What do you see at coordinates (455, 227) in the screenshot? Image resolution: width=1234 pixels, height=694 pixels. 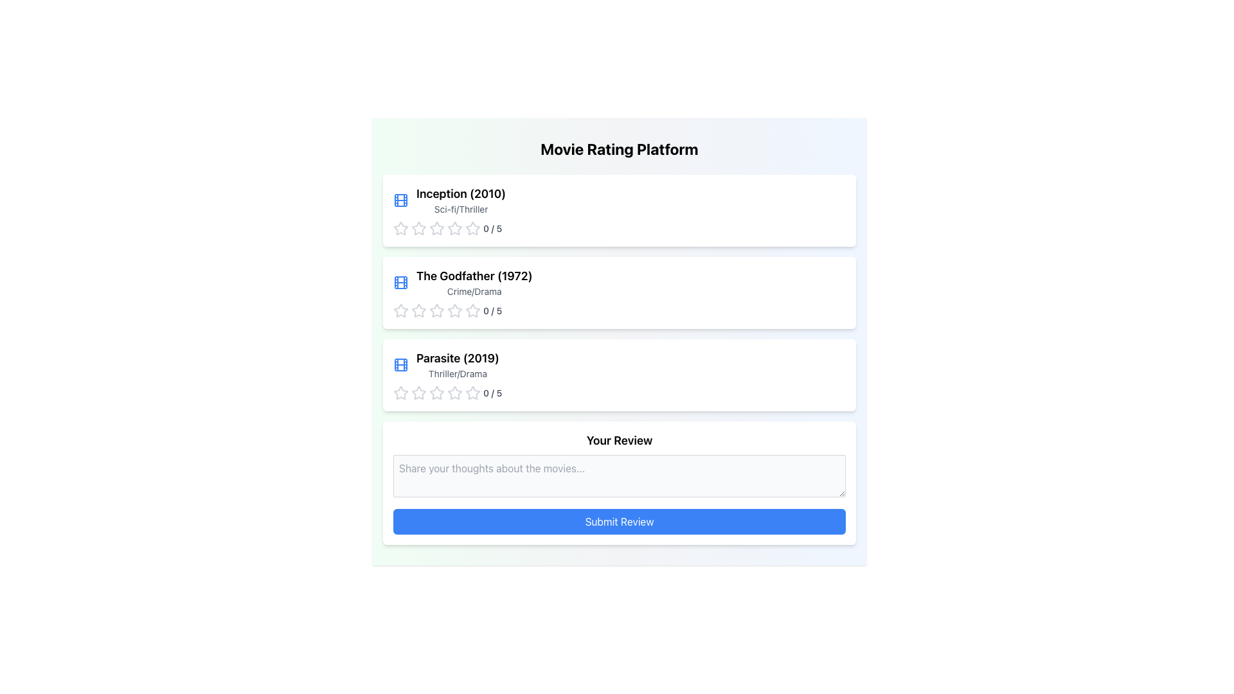 I see `the fourth star icon in the movie rating section for 'Inception (2010)'` at bounding box center [455, 227].